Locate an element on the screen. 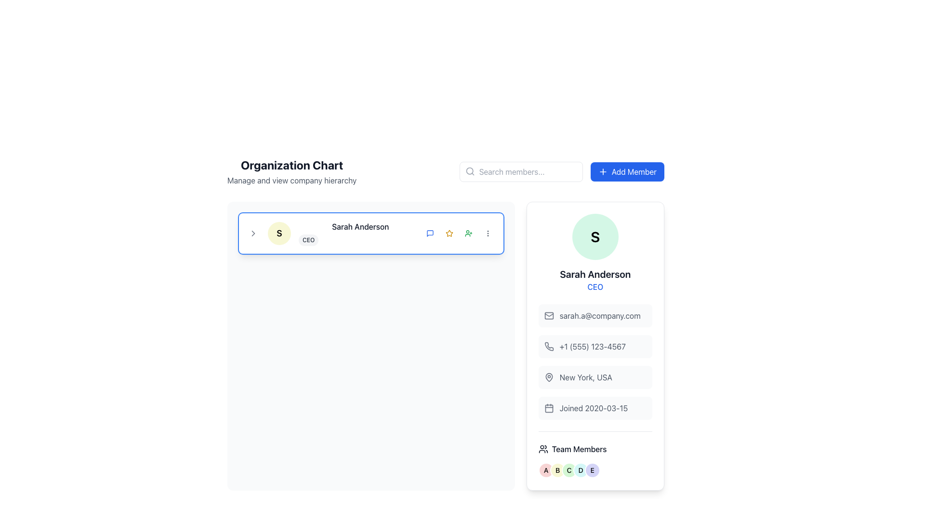  interaction on the '+' icon located to the left of the 'Add Member' button text label is located at coordinates (602, 171).